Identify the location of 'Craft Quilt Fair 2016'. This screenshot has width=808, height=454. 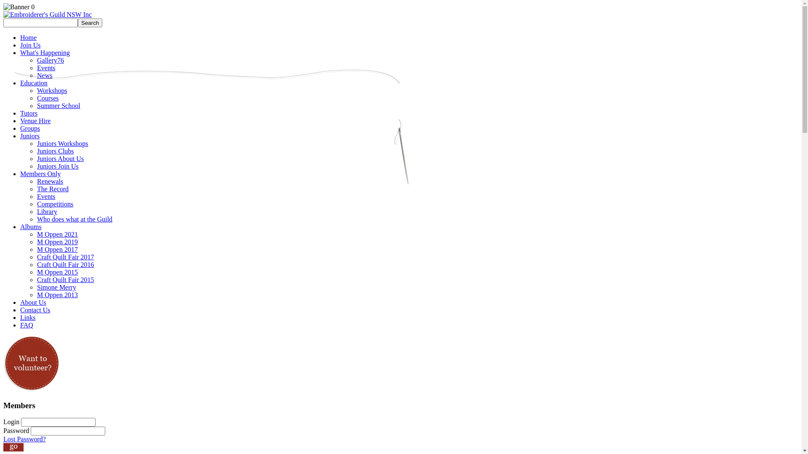
(65, 264).